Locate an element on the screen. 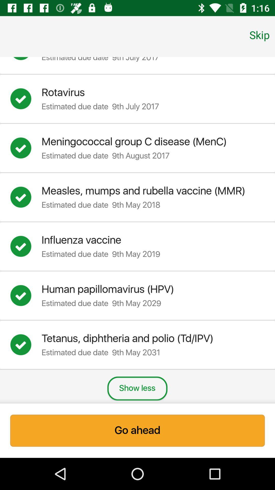 Image resolution: width=275 pixels, height=490 pixels. confirmation button is located at coordinates (26, 197).